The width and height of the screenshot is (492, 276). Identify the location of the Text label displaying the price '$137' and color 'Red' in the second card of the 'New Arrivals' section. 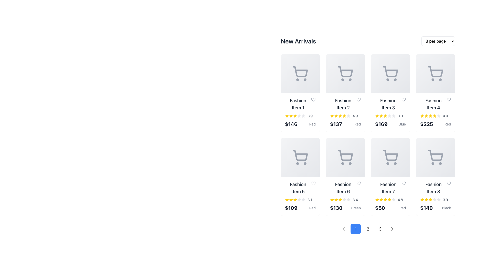
(345, 124).